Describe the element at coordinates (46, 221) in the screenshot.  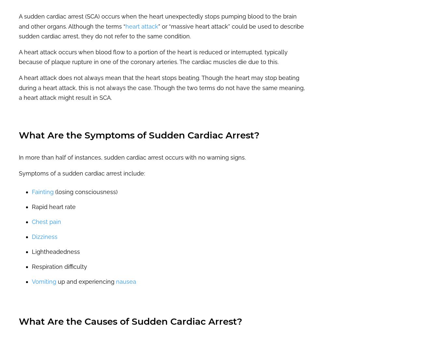
I see `'Chest pain'` at that location.